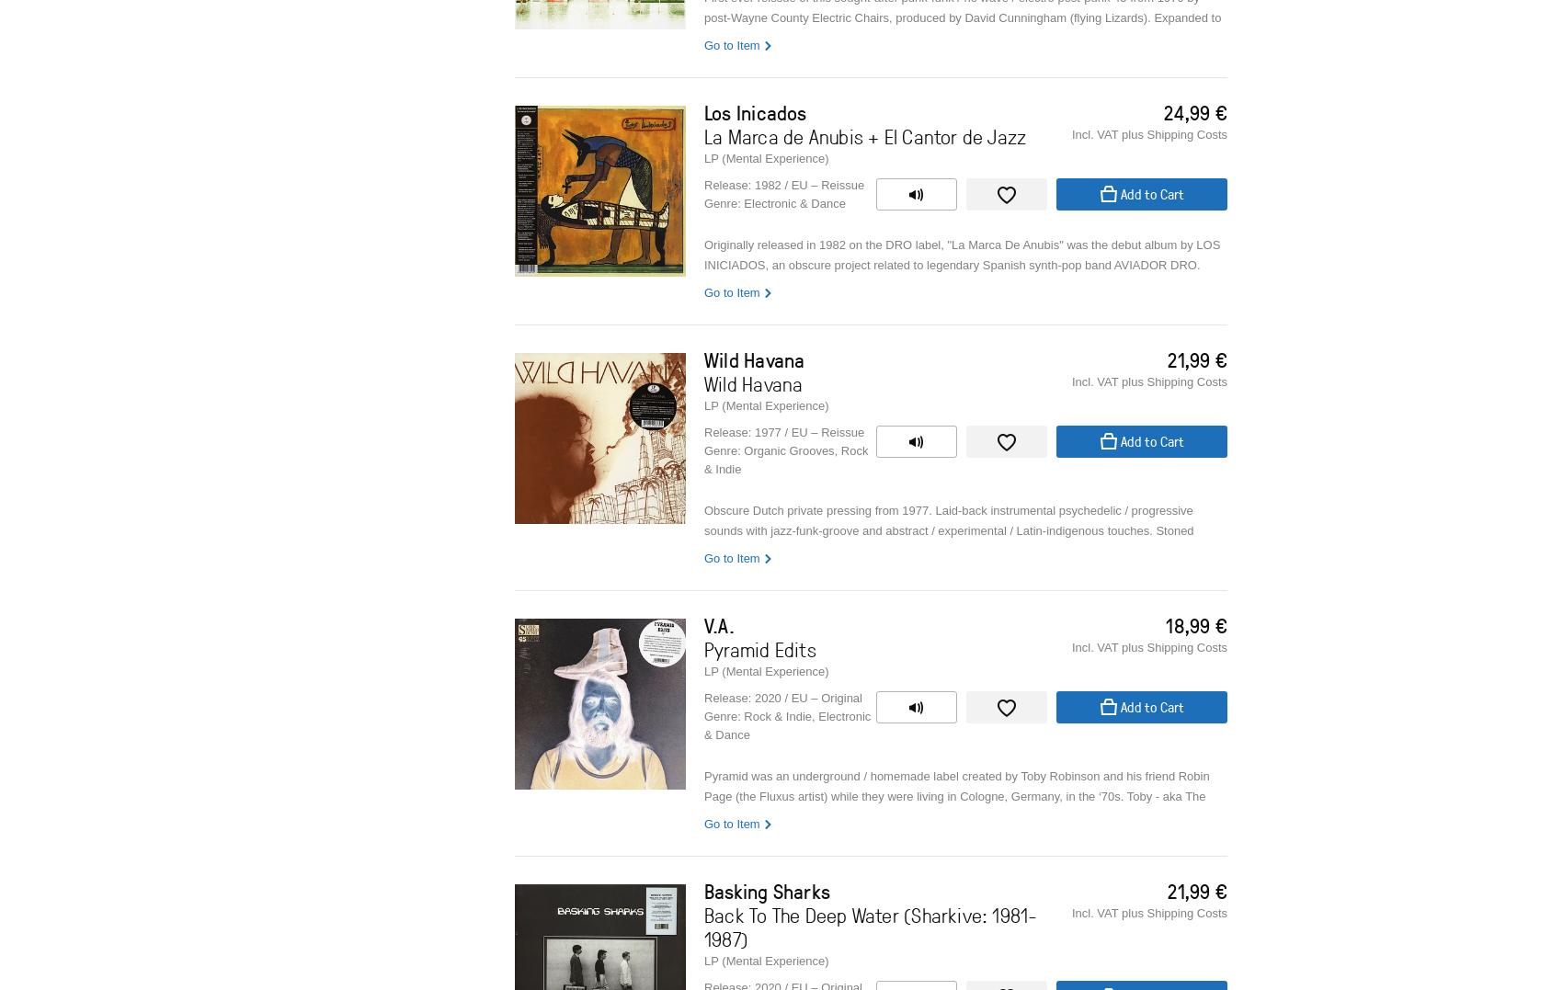  I want to click on 'Basking Sharks', so click(766, 891).